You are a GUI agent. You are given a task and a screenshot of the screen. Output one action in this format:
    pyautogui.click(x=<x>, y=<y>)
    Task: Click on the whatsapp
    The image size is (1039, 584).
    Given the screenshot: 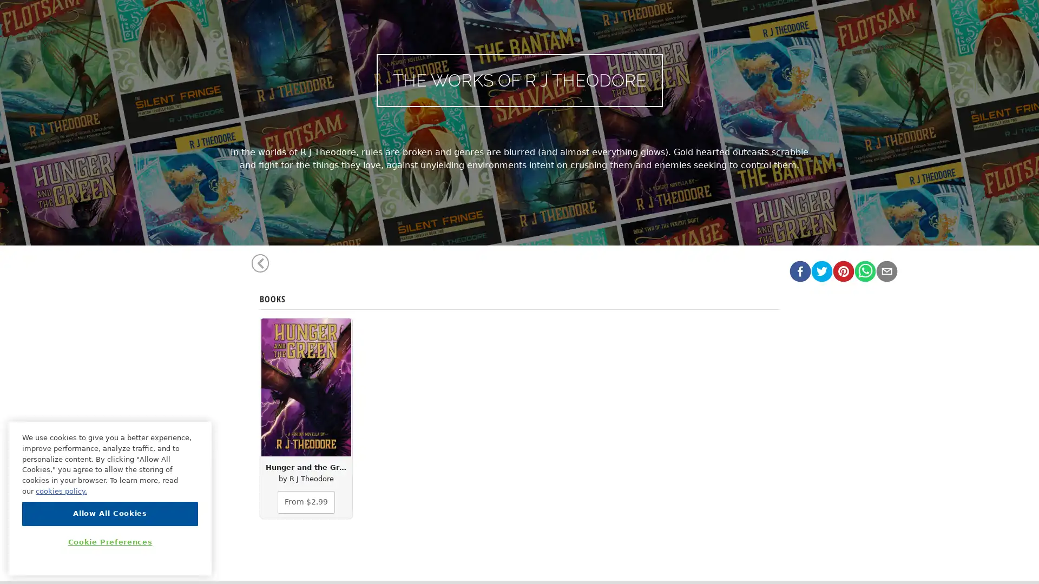 What is the action you would take?
    pyautogui.click(x=864, y=270)
    